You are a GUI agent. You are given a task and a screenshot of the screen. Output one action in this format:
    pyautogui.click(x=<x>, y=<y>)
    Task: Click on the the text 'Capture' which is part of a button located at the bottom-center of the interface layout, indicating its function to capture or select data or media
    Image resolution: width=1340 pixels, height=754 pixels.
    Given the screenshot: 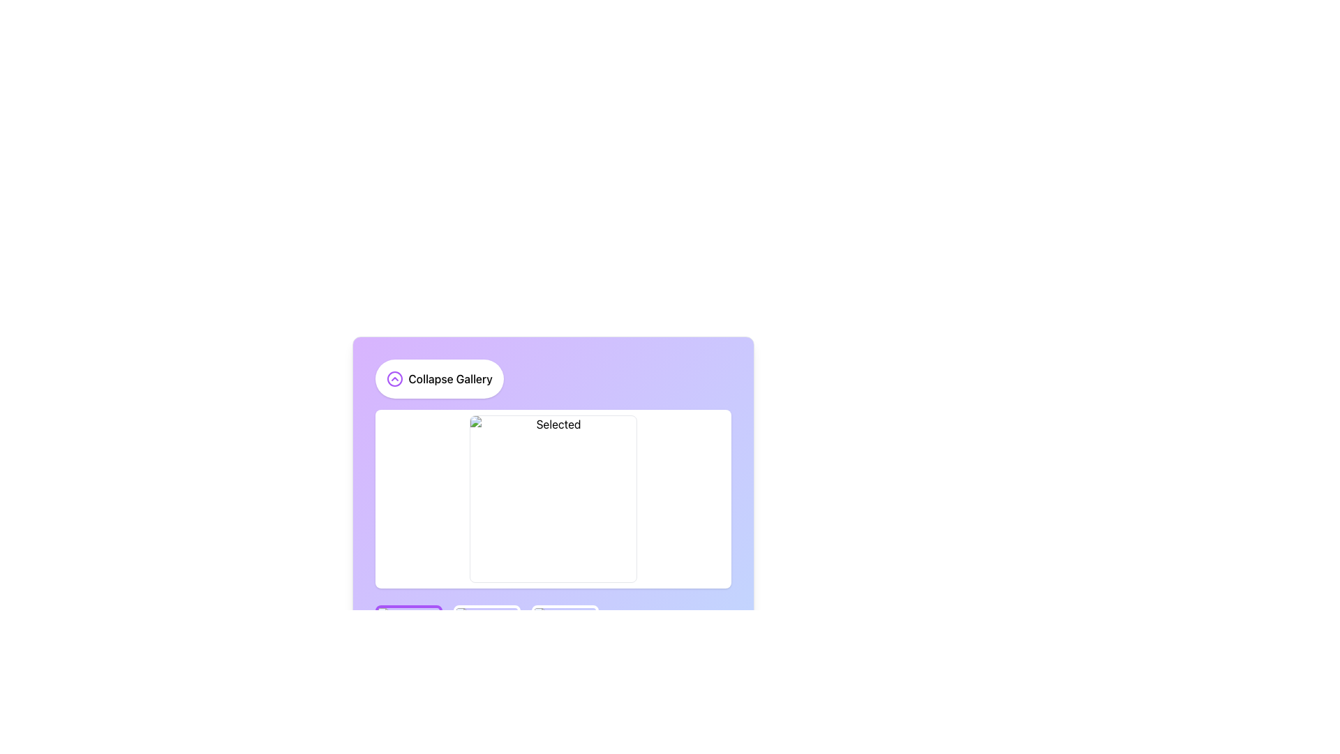 What is the action you would take?
    pyautogui.click(x=465, y=723)
    